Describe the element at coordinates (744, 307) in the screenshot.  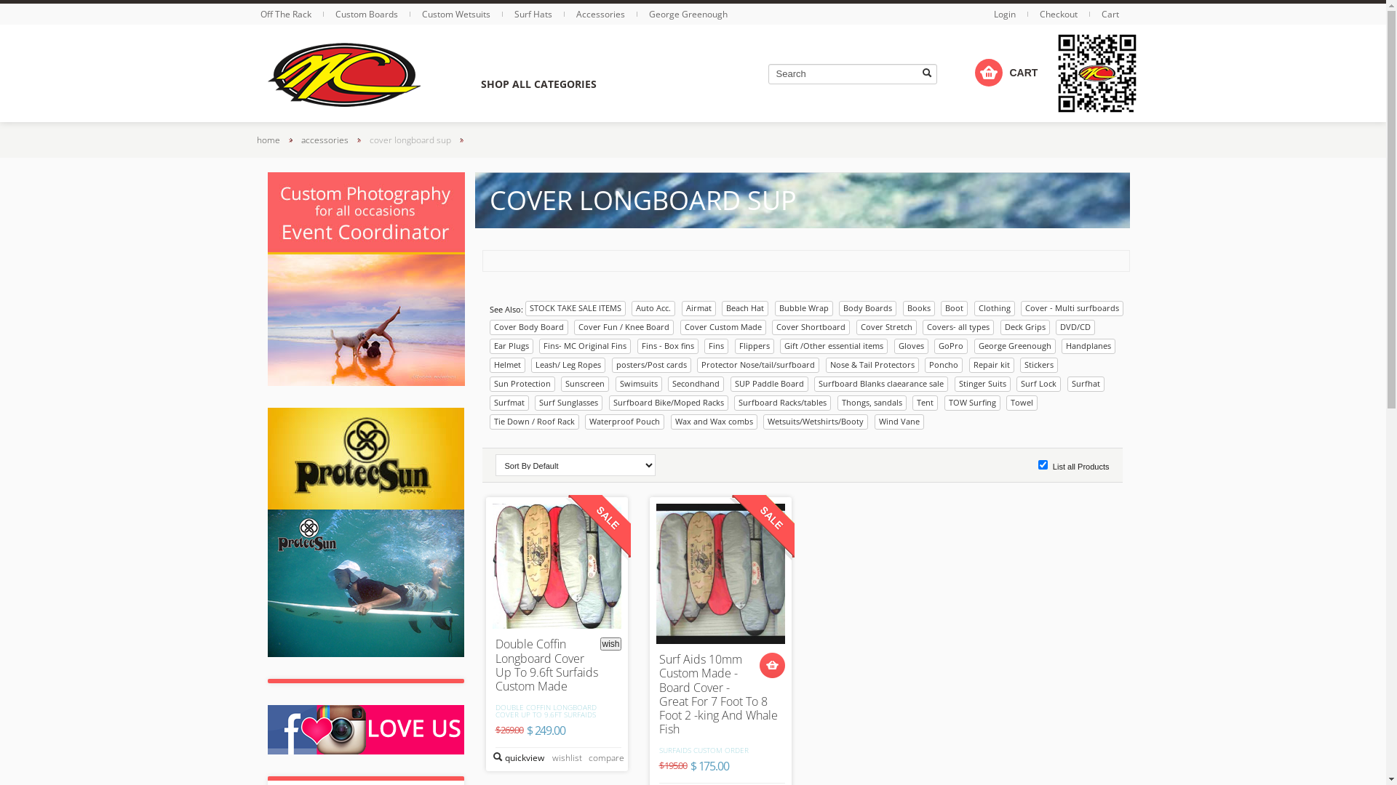
I see `'Beach Hat'` at that location.